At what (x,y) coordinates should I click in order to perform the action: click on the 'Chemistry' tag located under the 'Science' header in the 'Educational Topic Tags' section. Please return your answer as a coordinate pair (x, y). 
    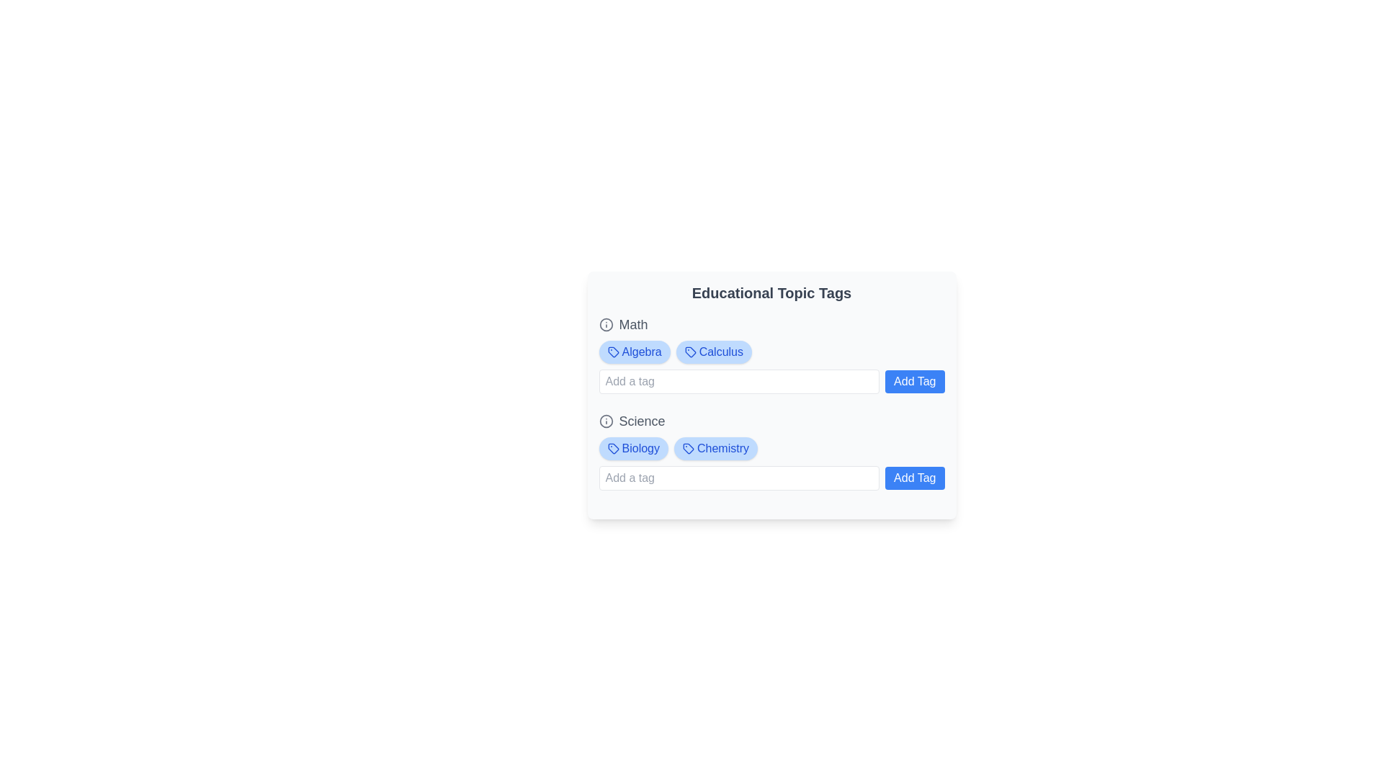
    Looking at the image, I should click on (715, 448).